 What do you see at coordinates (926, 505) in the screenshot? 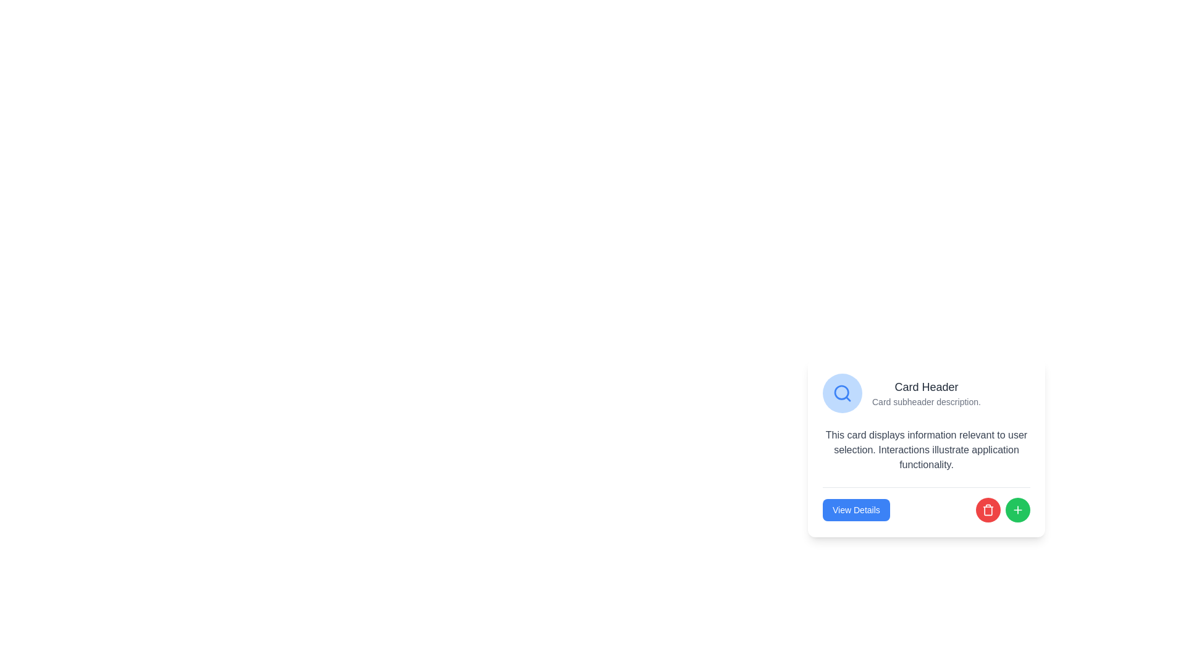
I see `the Interactive Button Group element located at the bottom of the card component, which includes a blue button labeled 'View Details', a red circular icon, and a green circular icon` at bounding box center [926, 505].